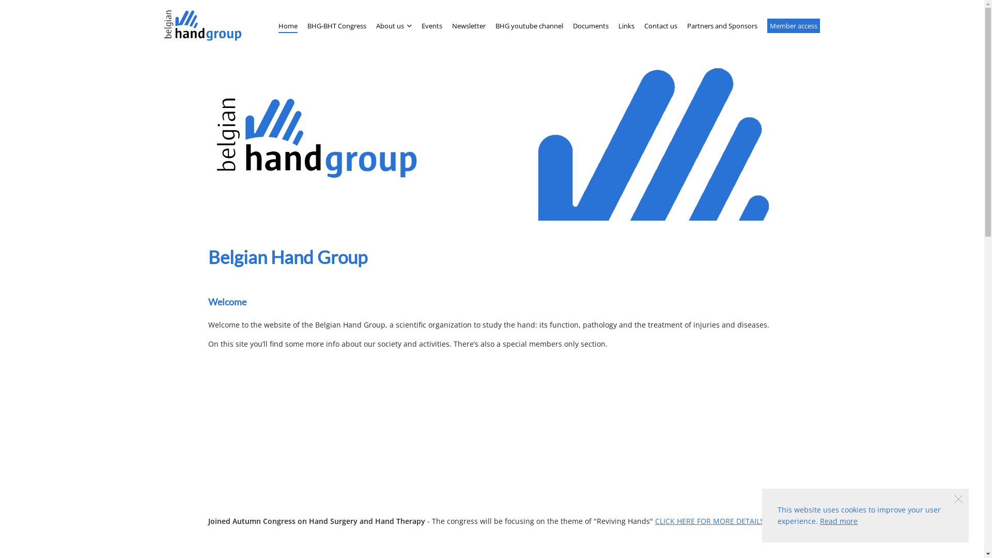 This screenshot has height=558, width=992. Describe the element at coordinates (618, 25) in the screenshot. I see `'Links'` at that location.